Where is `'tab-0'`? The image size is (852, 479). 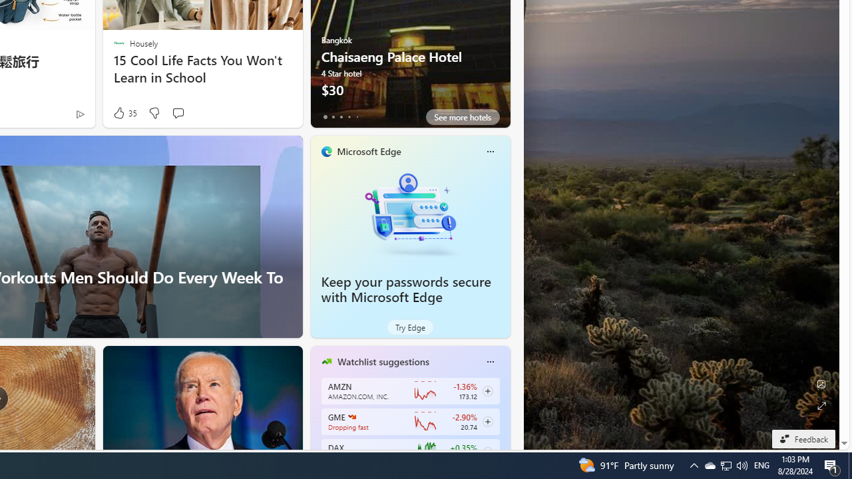 'tab-0' is located at coordinates (325, 116).